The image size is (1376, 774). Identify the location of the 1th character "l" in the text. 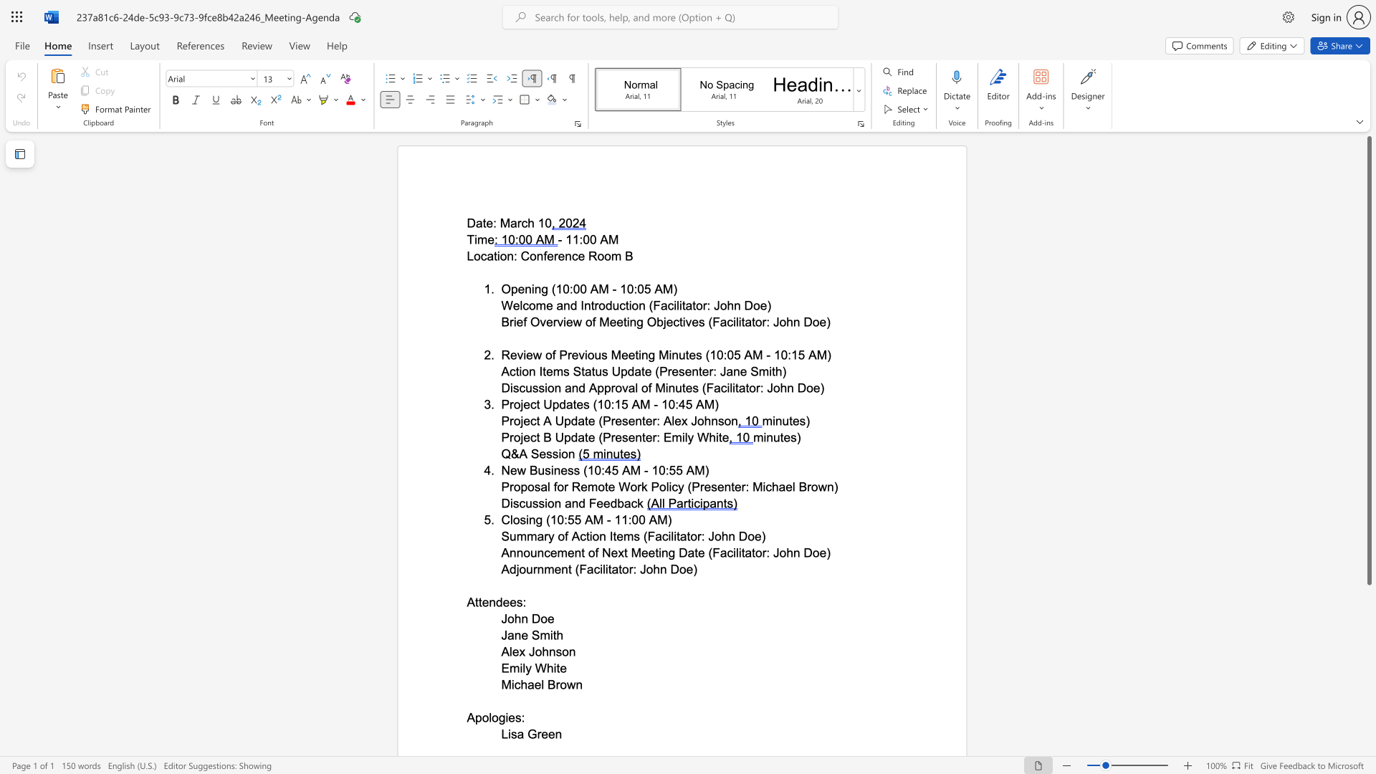
(542, 684).